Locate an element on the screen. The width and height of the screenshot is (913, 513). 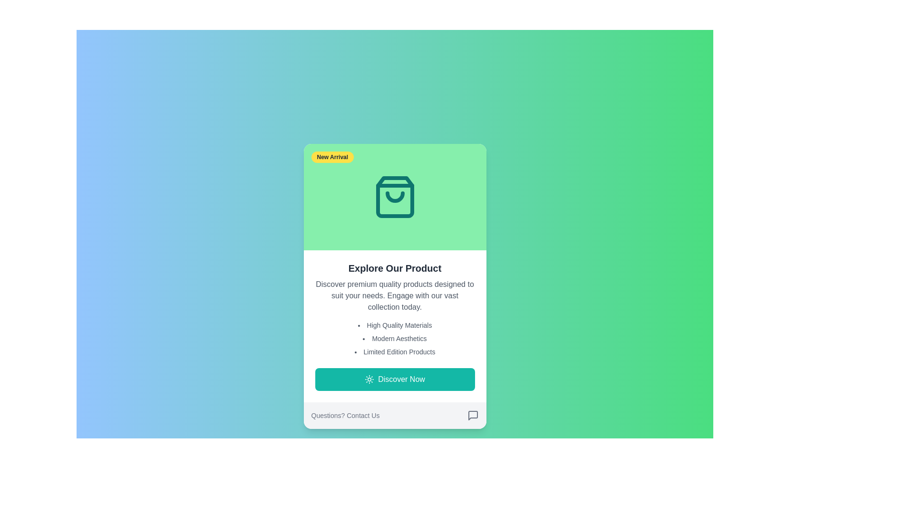
the first list item that reads 'High Quality Materials', which is styled in dark gray color on a white background and is preceded by a bullet point is located at coordinates (395, 325).